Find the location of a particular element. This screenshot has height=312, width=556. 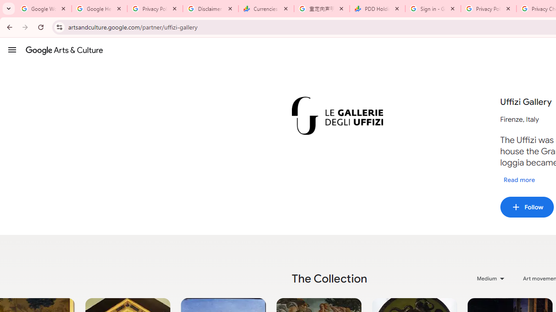

'Currencies - Google Finance' is located at coordinates (266, 9).